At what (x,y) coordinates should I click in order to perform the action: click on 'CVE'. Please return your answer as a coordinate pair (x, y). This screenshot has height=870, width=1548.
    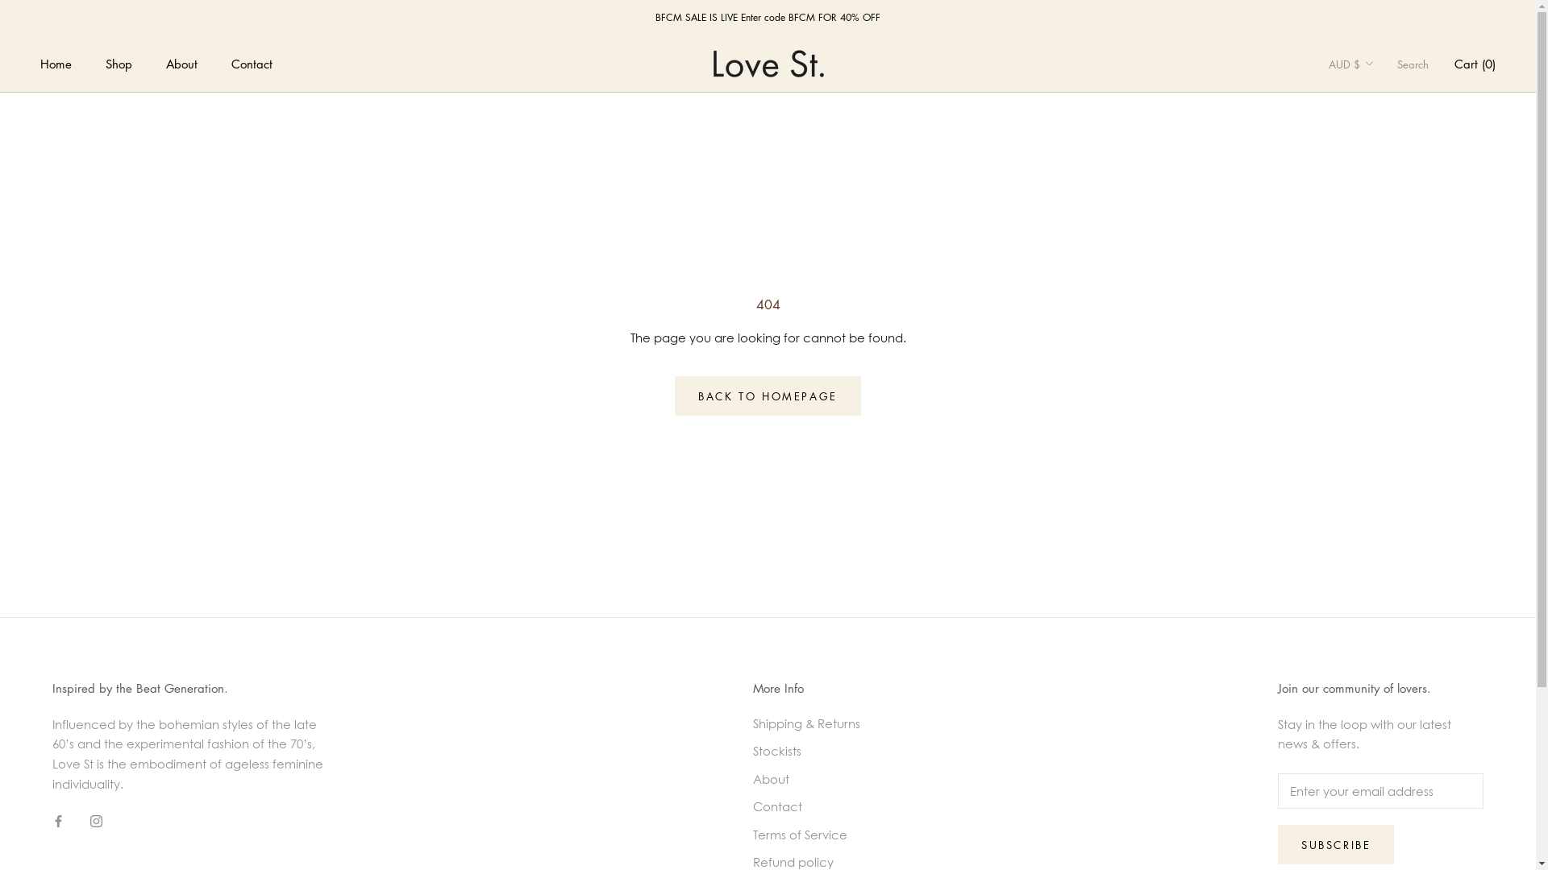
    Looking at the image, I should click on (1376, 683).